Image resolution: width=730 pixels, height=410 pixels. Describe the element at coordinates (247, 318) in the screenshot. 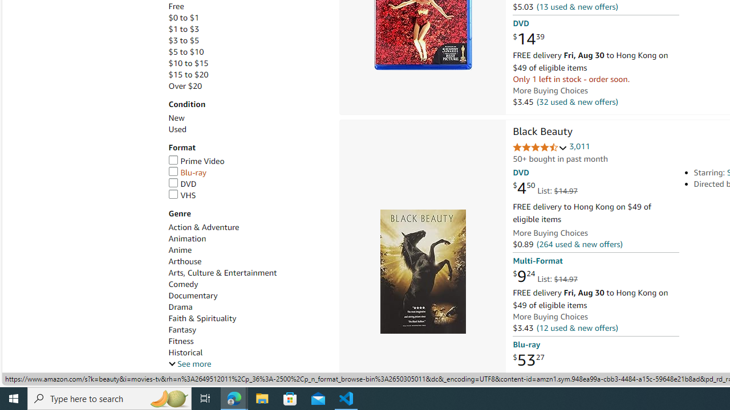

I see `'Faith & Spirituality'` at that location.